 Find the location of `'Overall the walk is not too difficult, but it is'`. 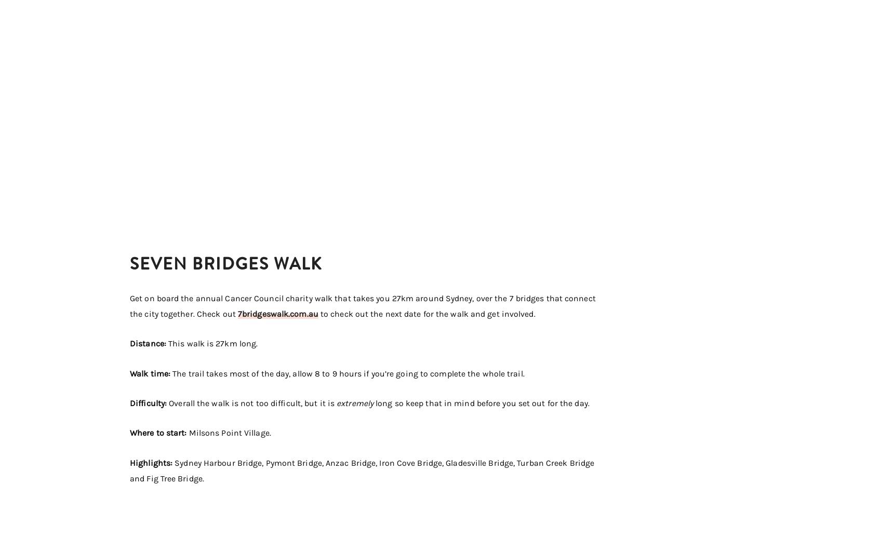

'Overall the walk is not too difficult, but it is' is located at coordinates (251, 403).